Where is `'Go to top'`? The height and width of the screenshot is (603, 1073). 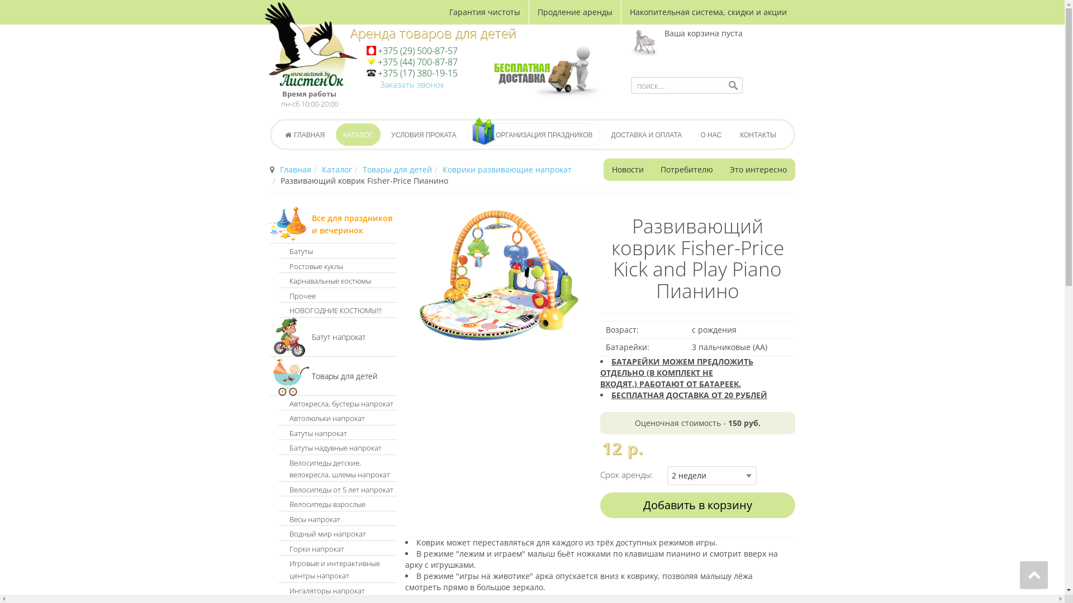
'Go to top' is located at coordinates (1033, 575).